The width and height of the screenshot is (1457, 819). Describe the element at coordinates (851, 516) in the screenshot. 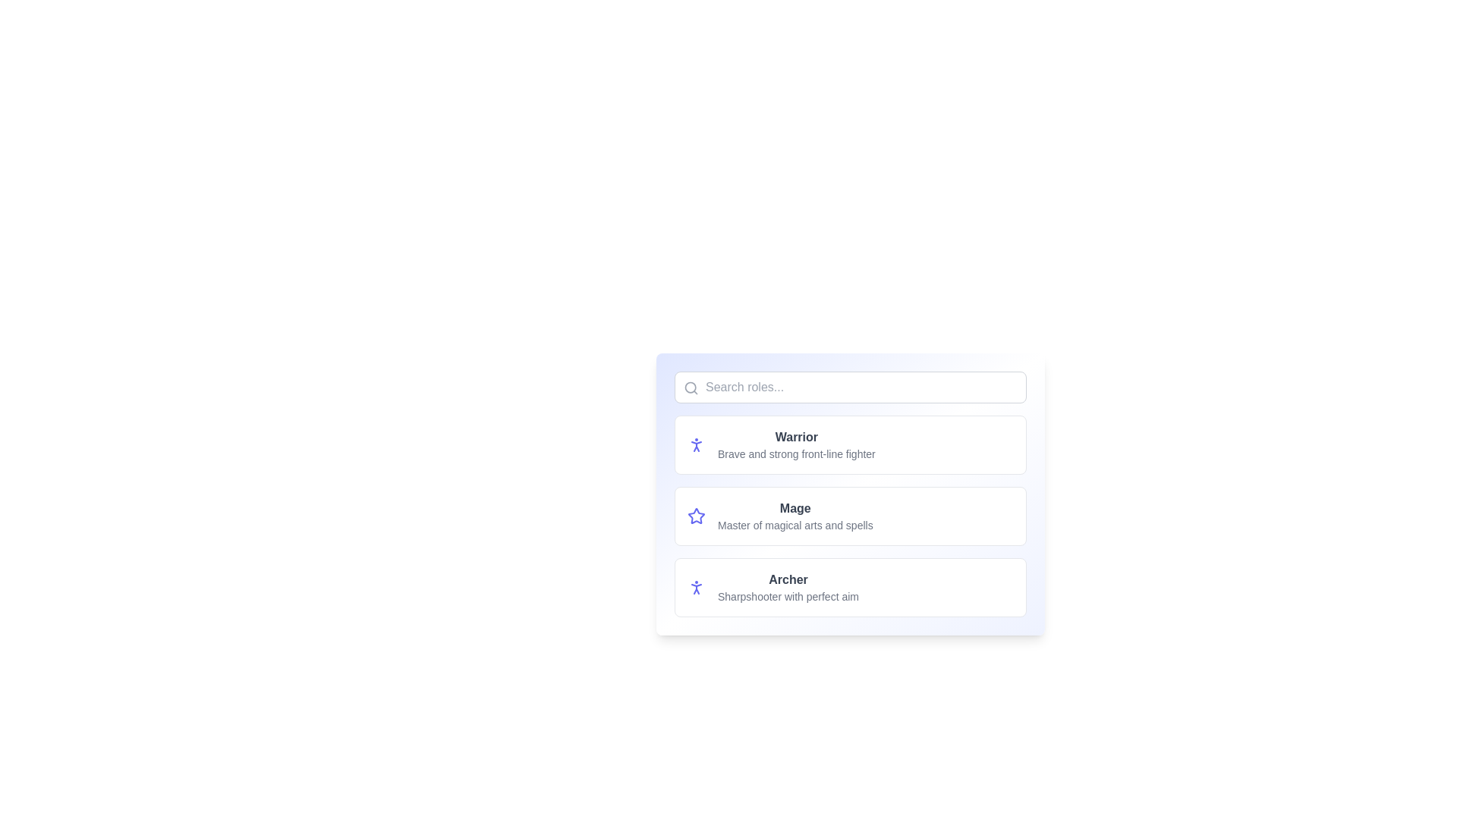

I see `the 'Mage' selectable item in the list` at that location.